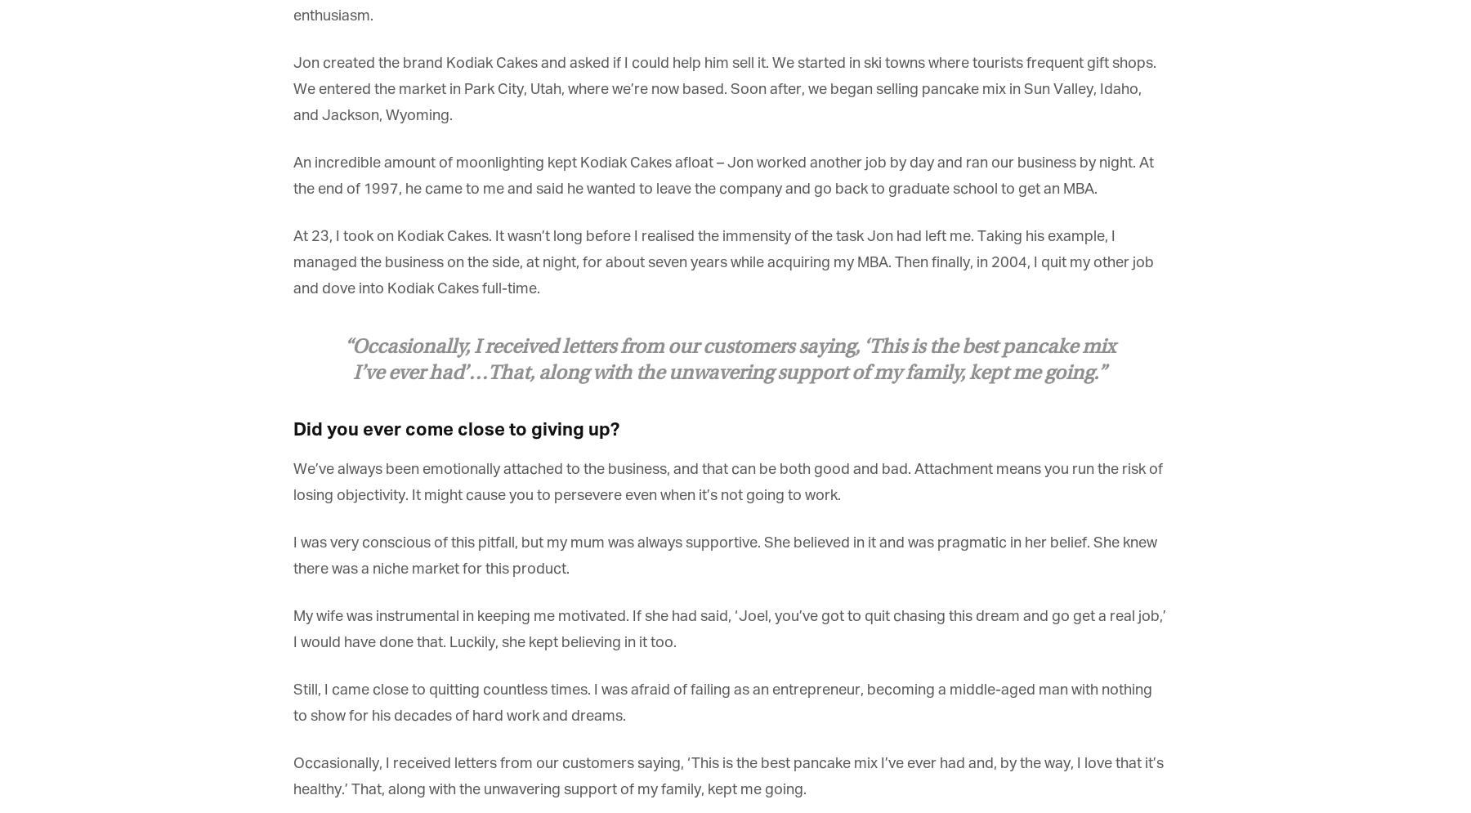 The image size is (1471, 813). What do you see at coordinates (729, 630) in the screenshot?
I see `'My wife was instrumental in keeping me motivated. If she had said, ‘Joel, you’ve got to quit chasing this dream and go get a real job,’ I would have done that. Luckily, she kept believing in it too.'` at bounding box center [729, 630].